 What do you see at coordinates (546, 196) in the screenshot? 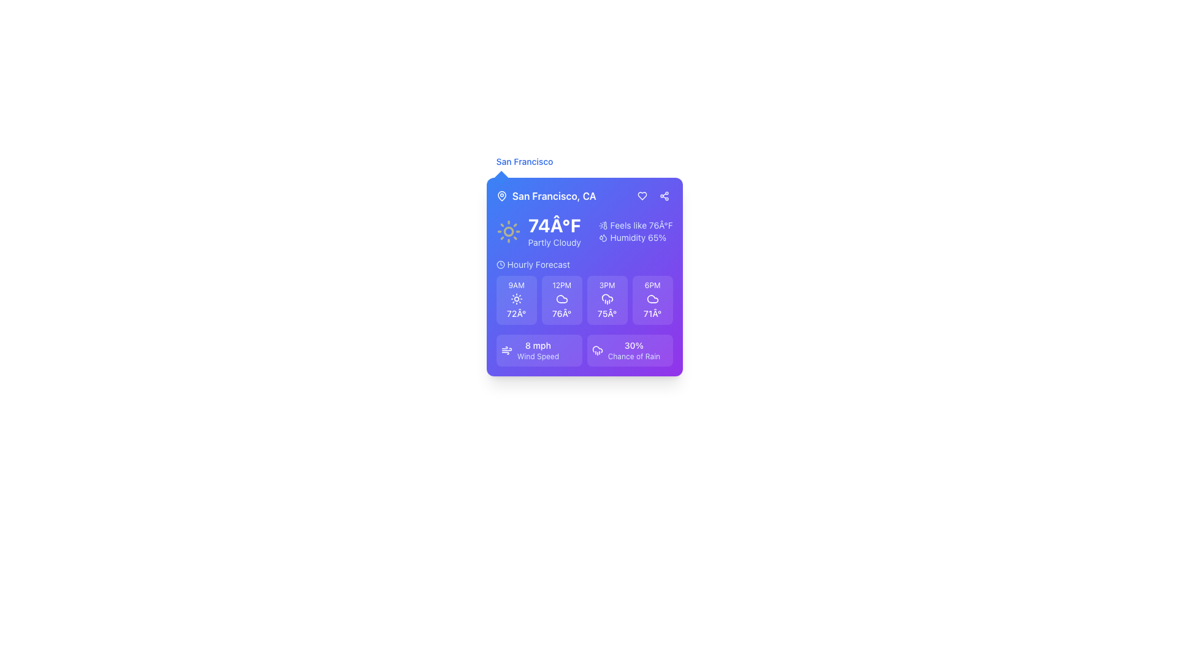
I see `the geographical location text element located below the 'San Francisco' header in the weather information card` at bounding box center [546, 196].